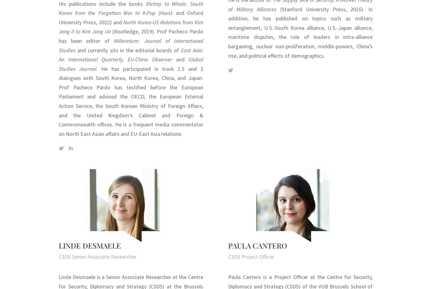  What do you see at coordinates (130, 55) in the screenshot?
I see `'East Asia: An International Quarterly, EU-China Observer'` at bounding box center [130, 55].